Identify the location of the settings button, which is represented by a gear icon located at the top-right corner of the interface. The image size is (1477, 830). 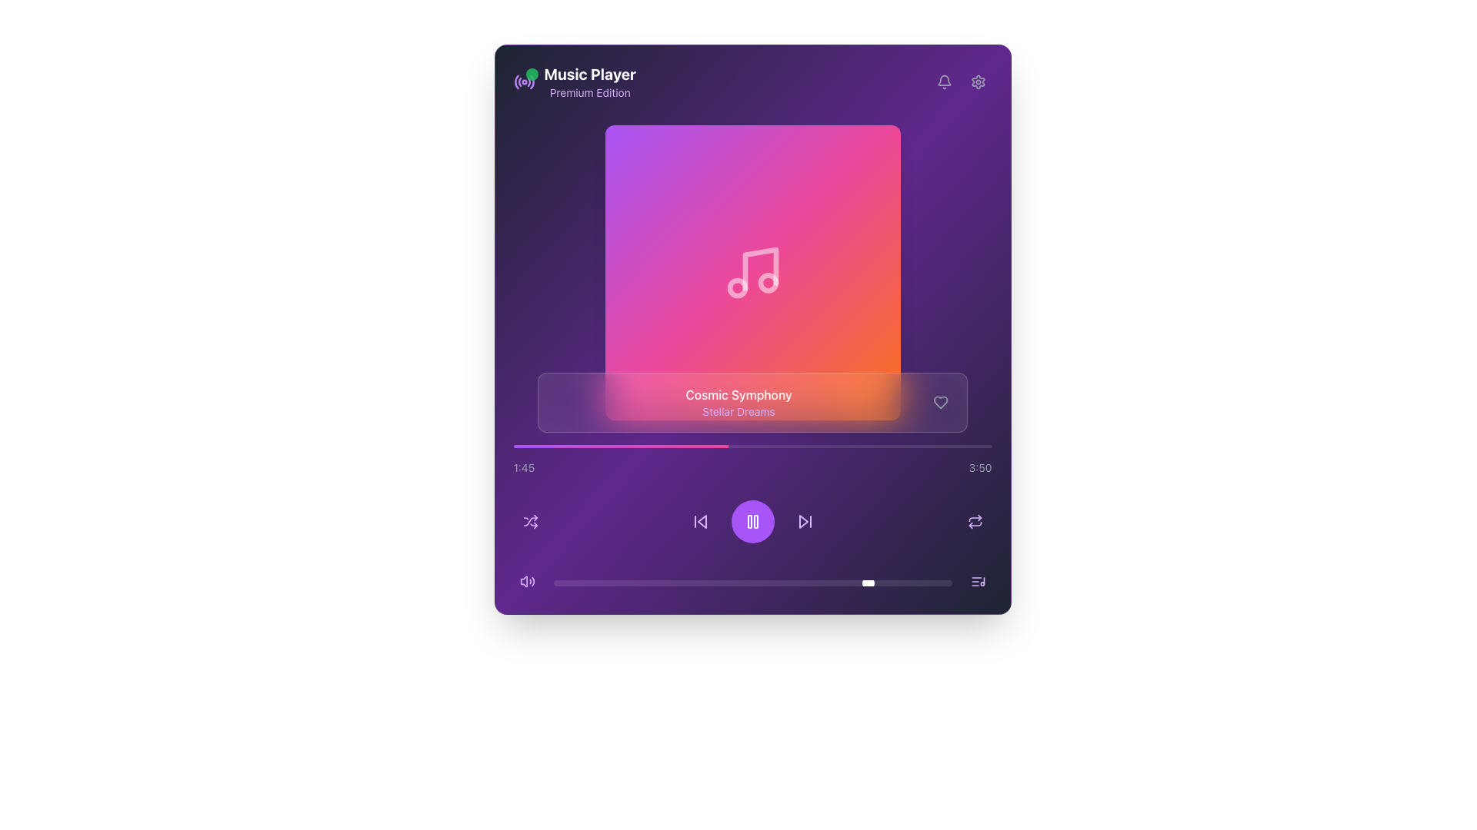
(977, 82).